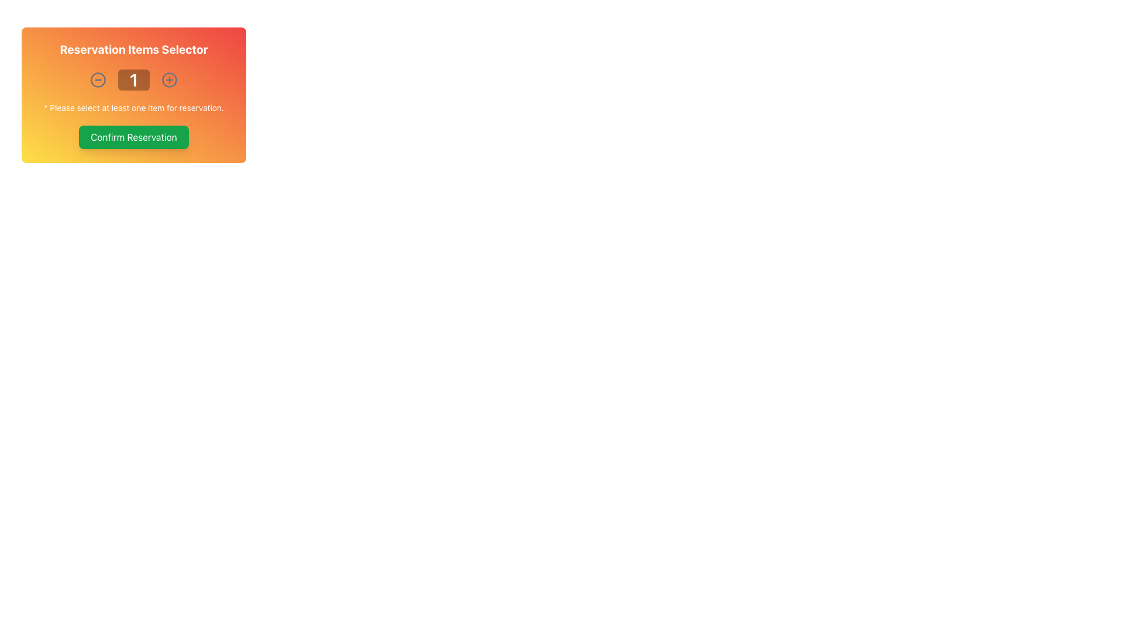 The height and width of the screenshot is (631, 1123). Describe the element at coordinates (169, 79) in the screenshot. I see `the circular '+' button located on the right side of the quantity selector interface to read its tooltip` at that location.